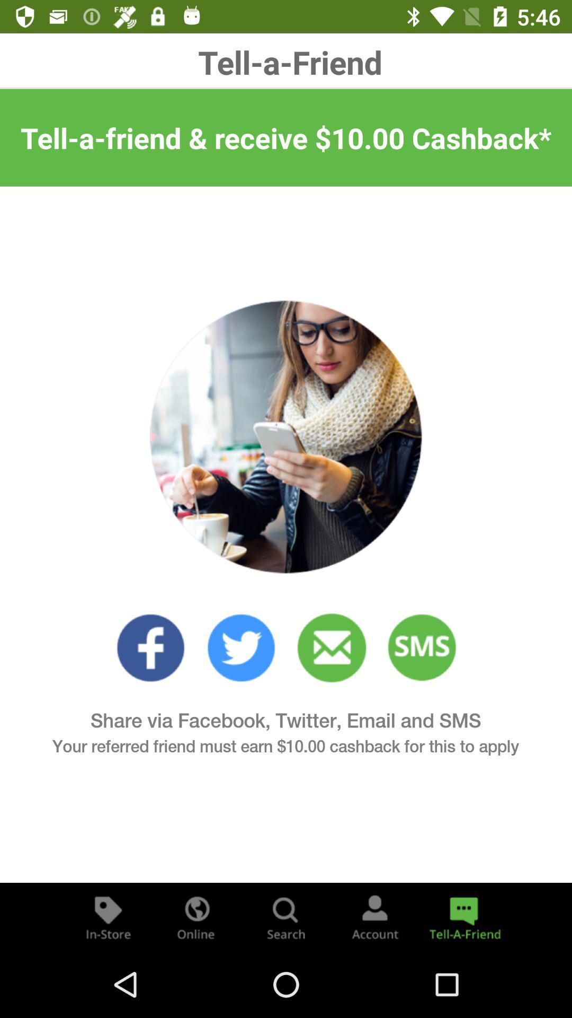 The image size is (572, 1018). I want to click on the chat icon, so click(463, 916).